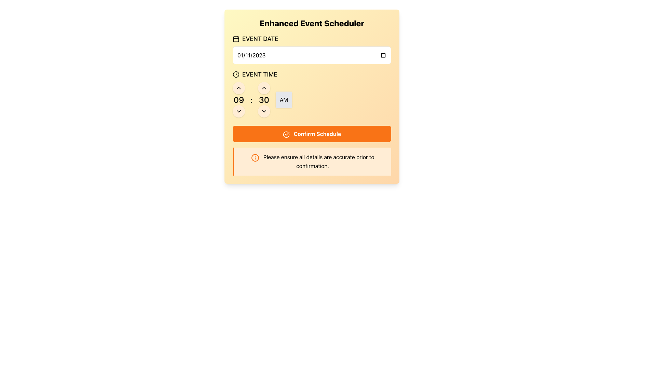  Describe the element at coordinates (263, 100) in the screenshot. I see `the Text Display element that shows the current minute value in the time picker interface, which is centrally located between the increment and decrement arrow buttons` at that location.